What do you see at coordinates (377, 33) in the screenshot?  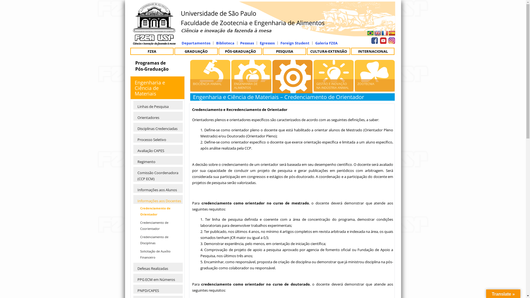 I see `' '` at bounding box center [377, 33].